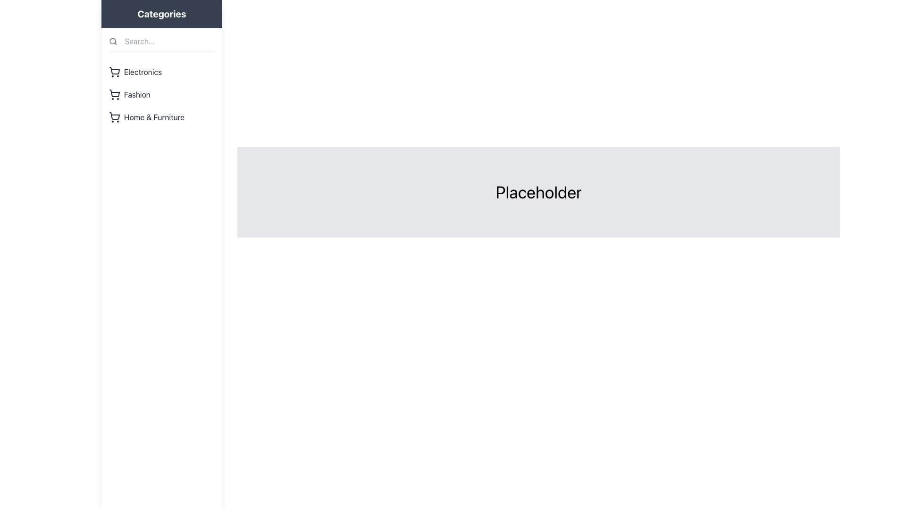  What do you see at coordinates (136, 94) in the screenshot?
I see `the 'Fashion' text label located` at bounding box center [136, 94].